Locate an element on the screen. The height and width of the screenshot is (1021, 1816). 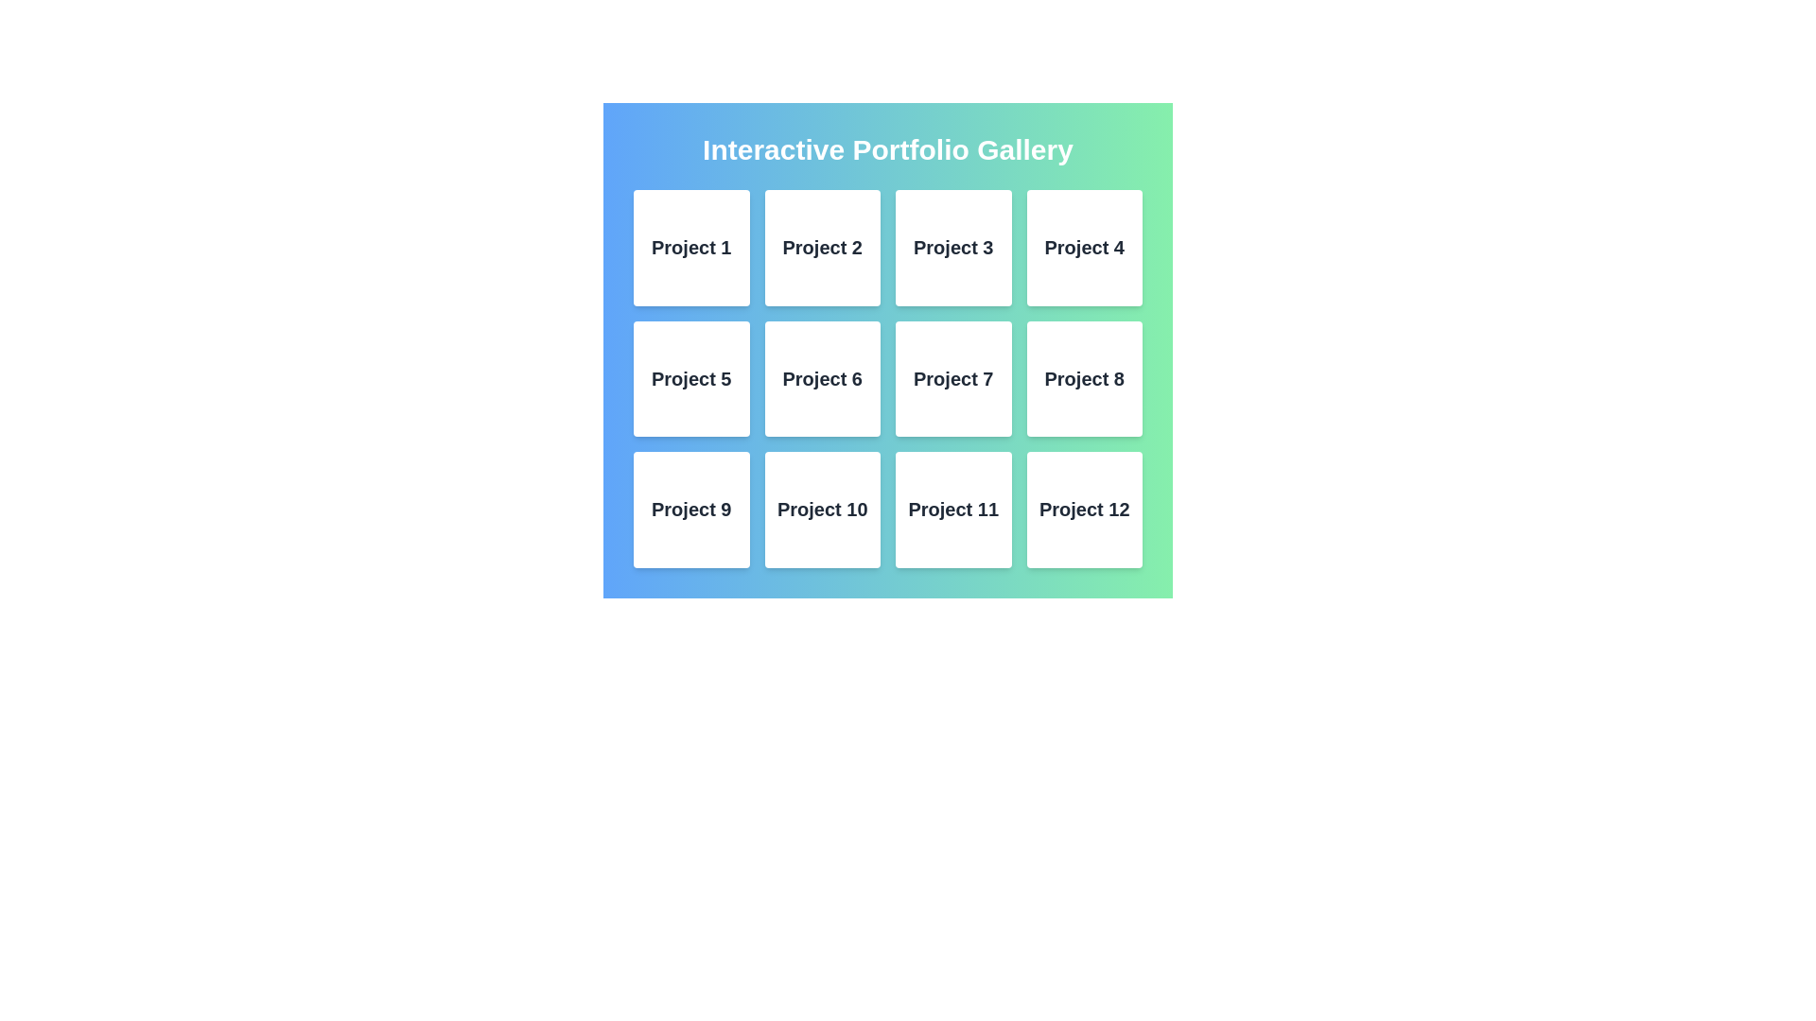
the circular button with an embedded share icon located at the top-right corner of the 'Project 4' tile in the Interactive Portfolio Gallery to trigger a tooltip or visual response is located at coordinates (1109, 247).